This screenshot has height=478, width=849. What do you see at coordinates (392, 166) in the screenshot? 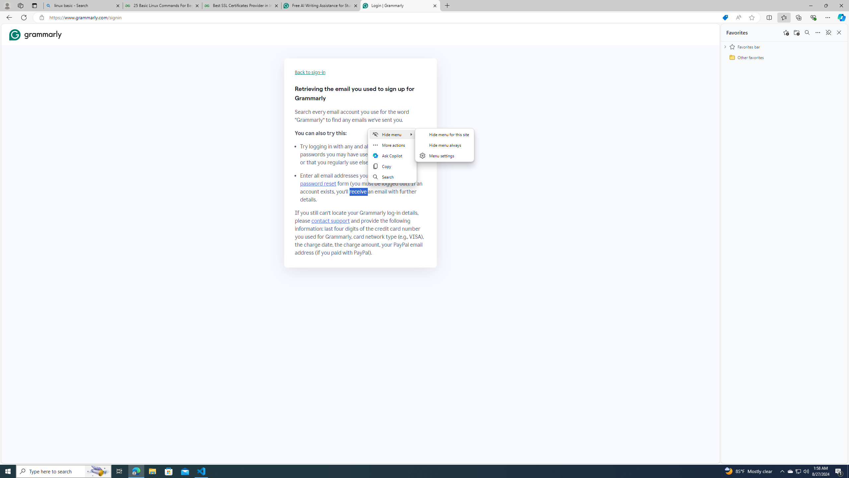
I see `'Copy'` at bounding box center [392, 166].